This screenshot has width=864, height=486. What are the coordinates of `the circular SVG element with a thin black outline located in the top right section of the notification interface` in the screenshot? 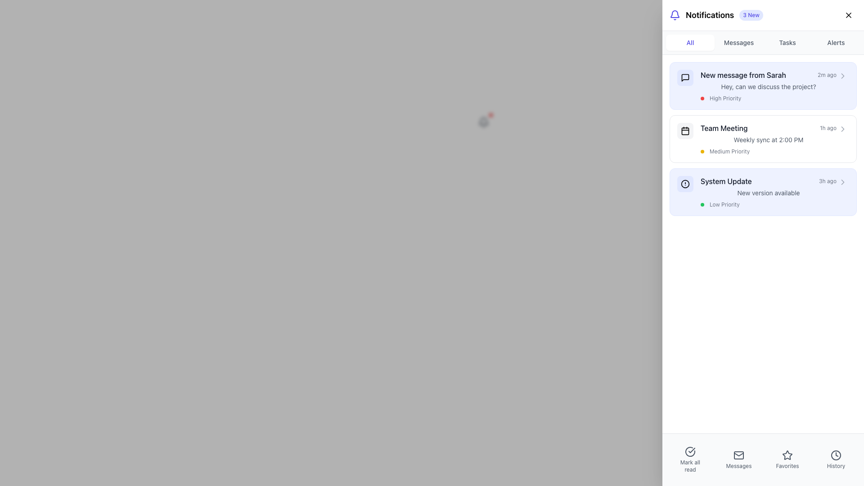 It's located at (684, 183).